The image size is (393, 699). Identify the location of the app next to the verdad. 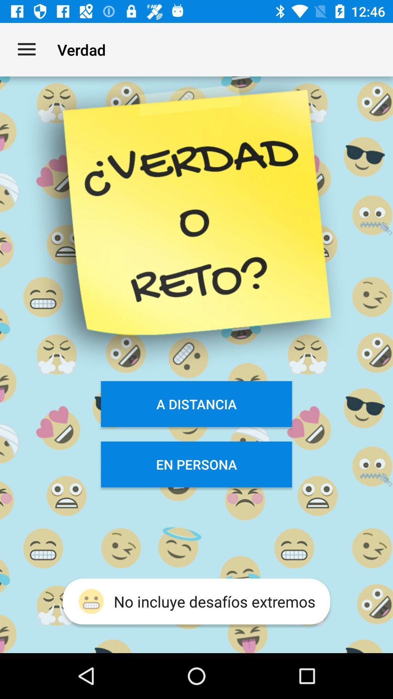
(26, 49).